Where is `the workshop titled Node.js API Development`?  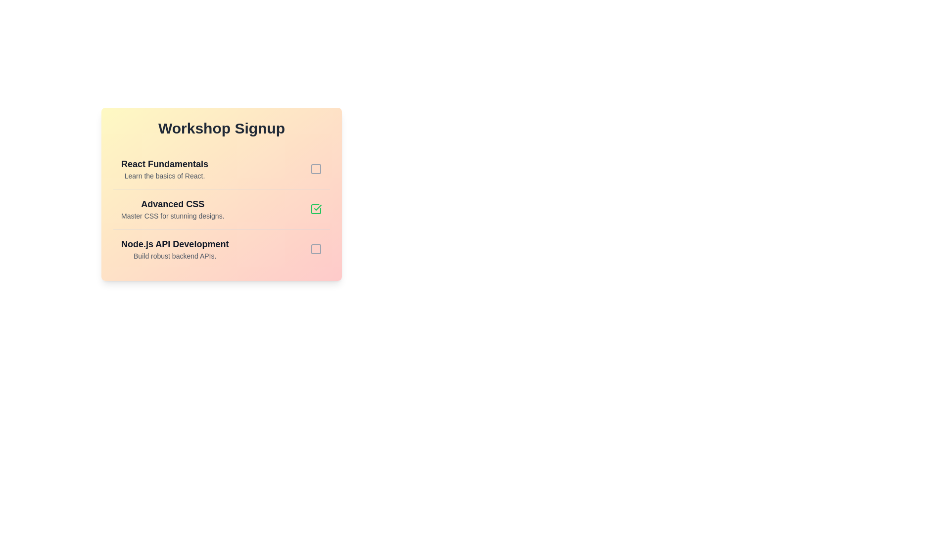
the workshop titled Node.js API Development is located at coordinates (175, 249).